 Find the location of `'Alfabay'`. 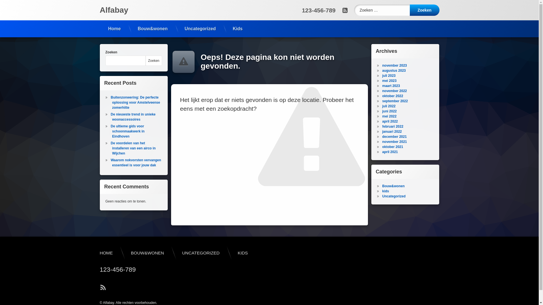

'Alfabay' is located at coordinates (113, 10).